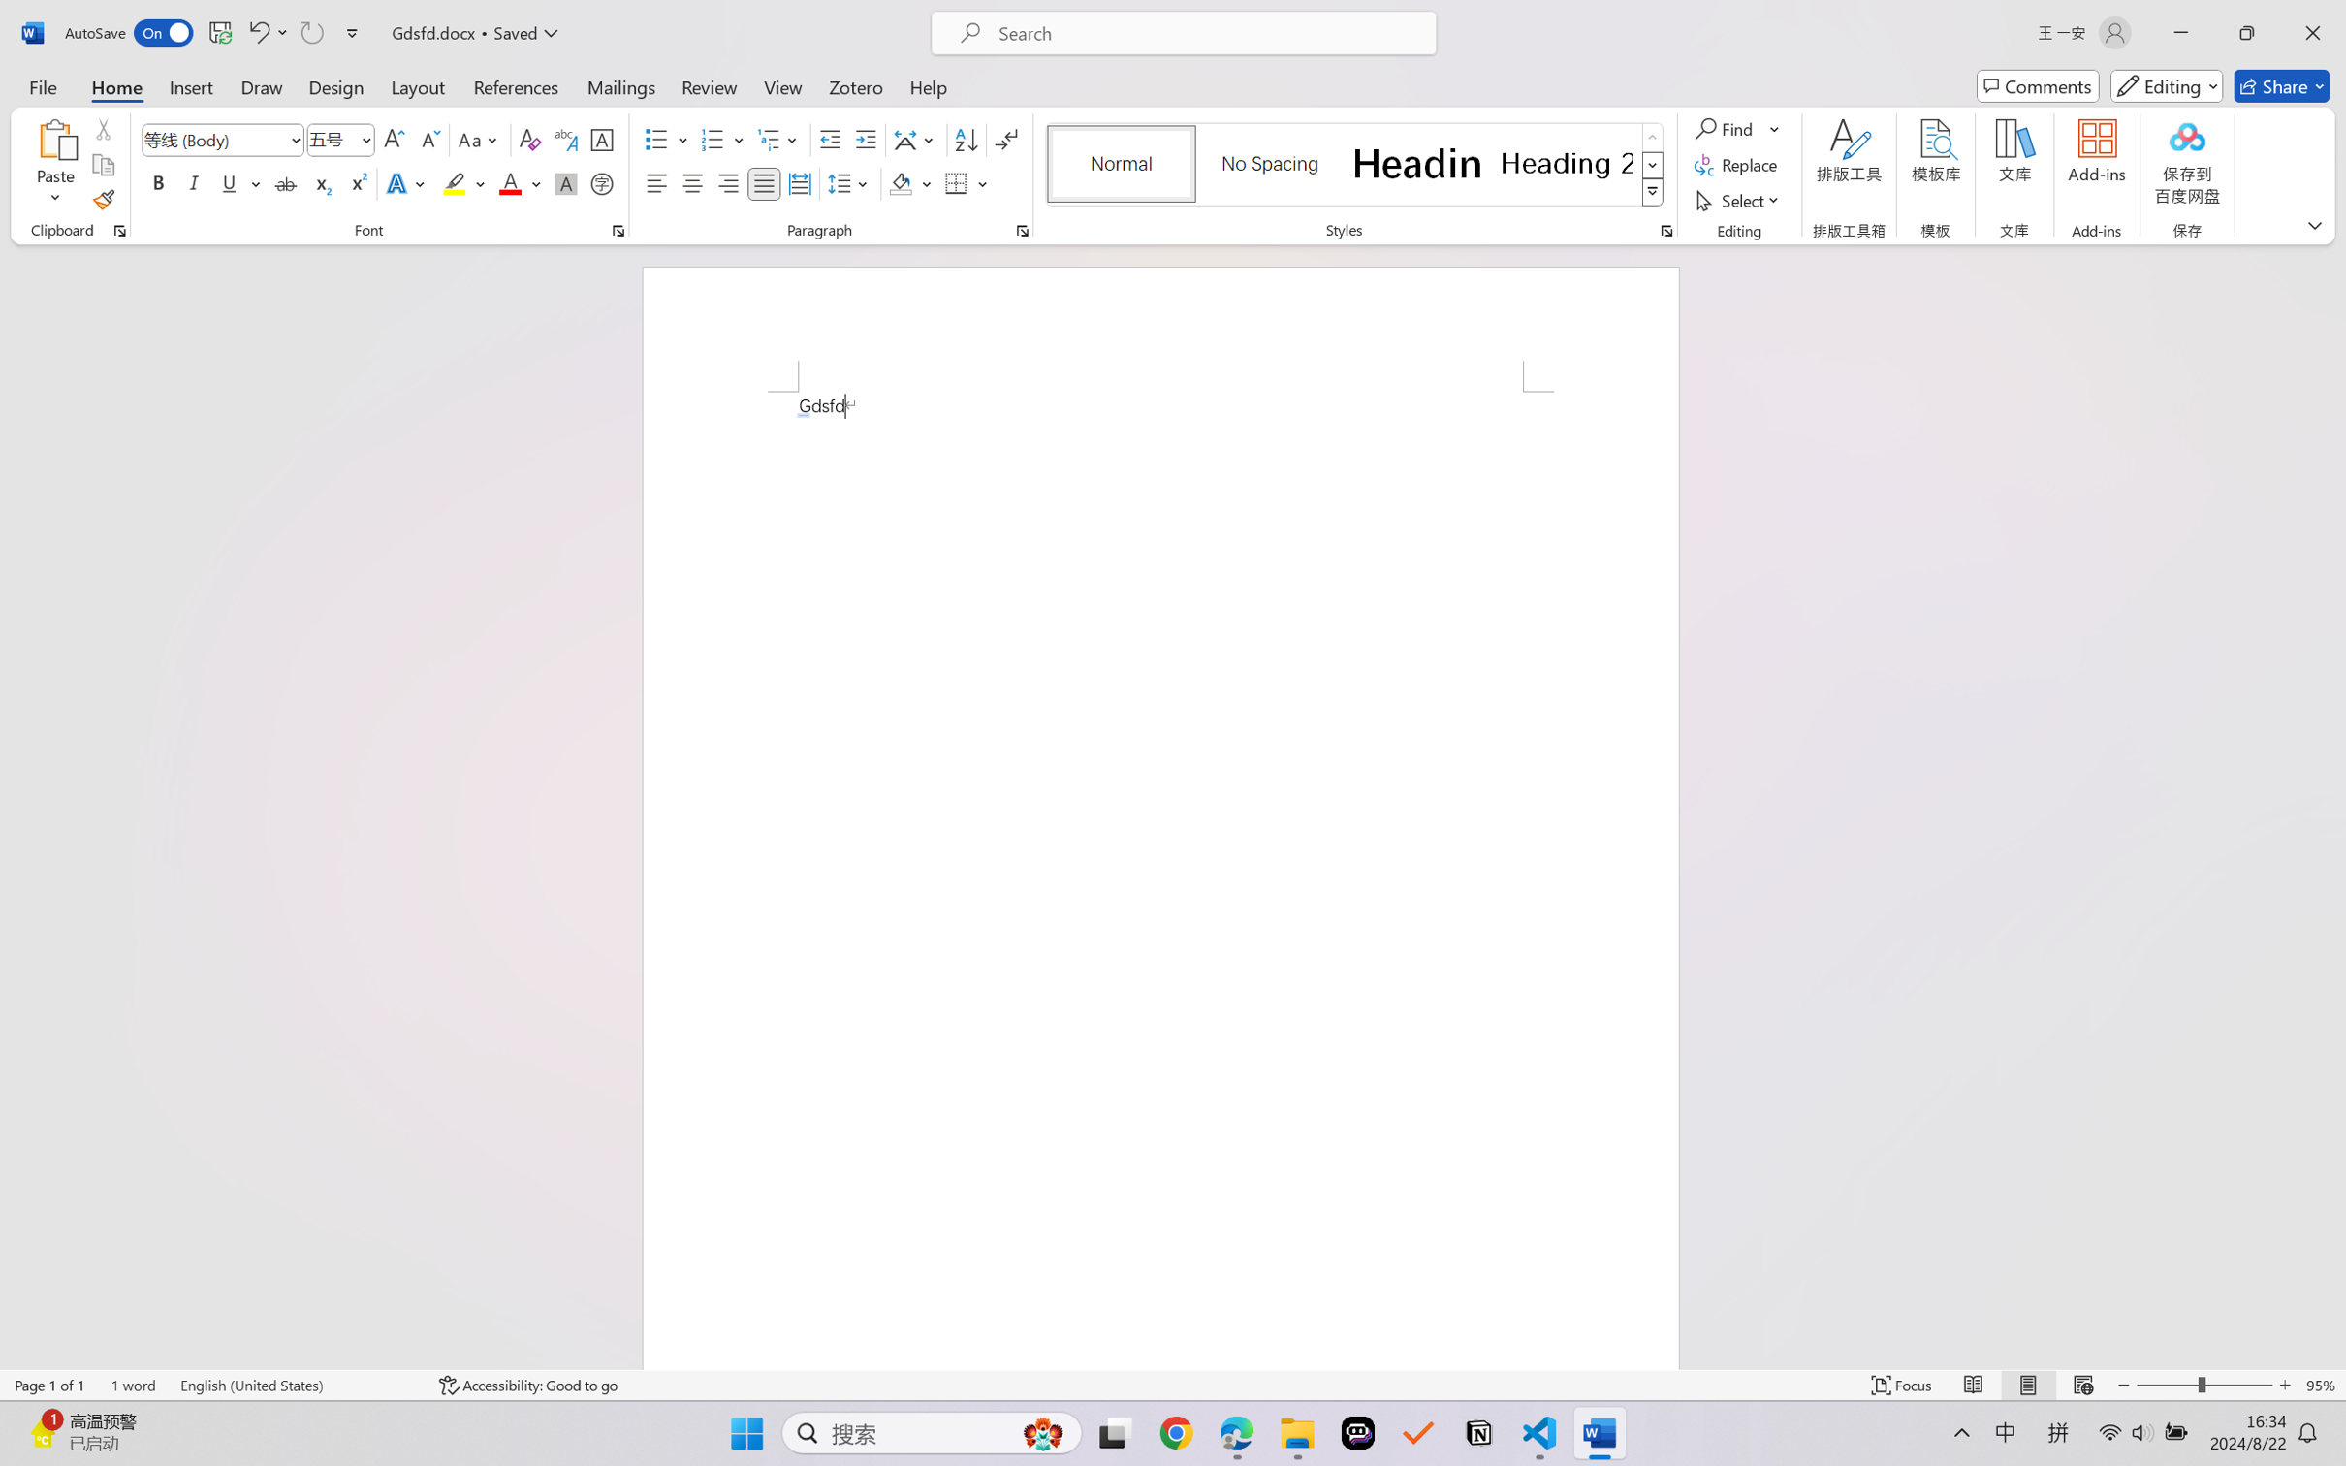  I want to click on 'Cut', so click(102, 127).